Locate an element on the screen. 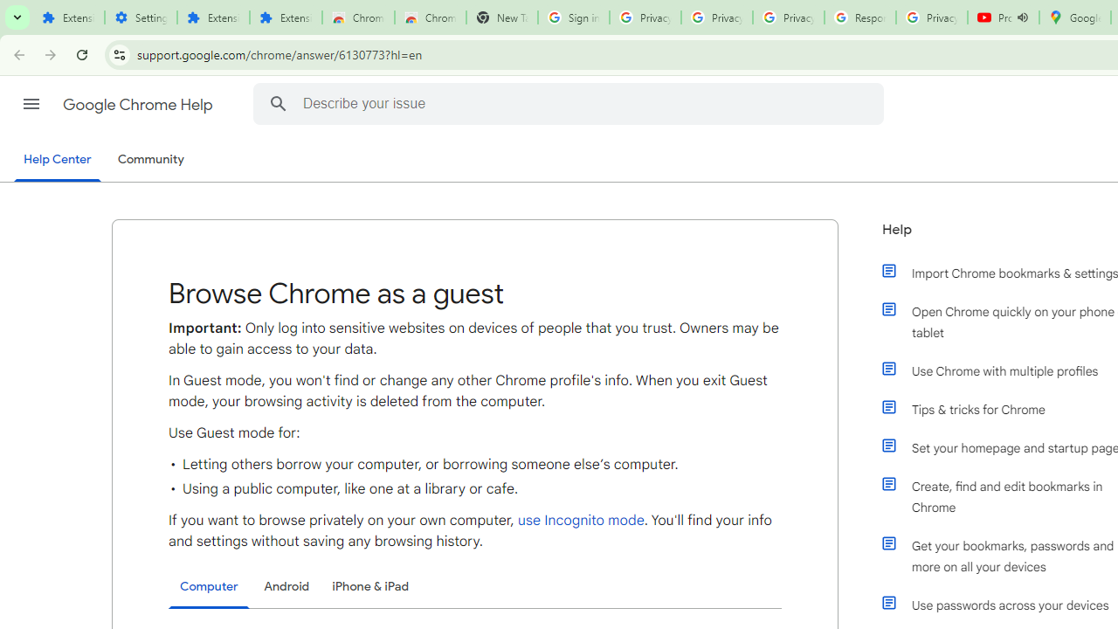  'iPhone & iPad' is located at coordinates (369, 586).